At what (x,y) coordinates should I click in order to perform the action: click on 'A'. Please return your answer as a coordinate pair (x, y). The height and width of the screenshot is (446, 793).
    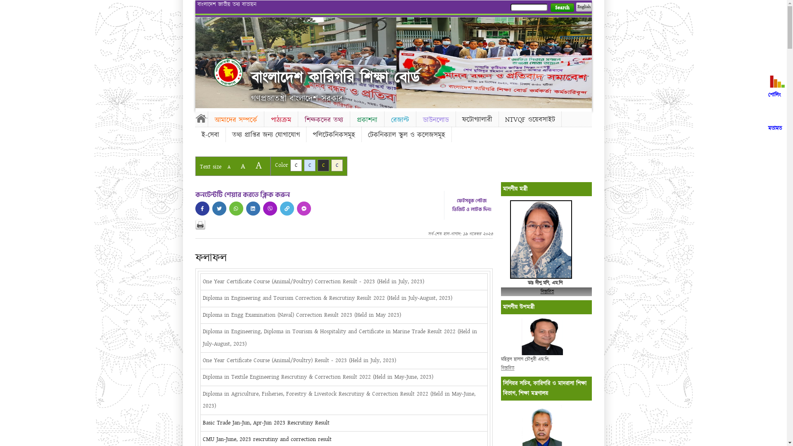
    Looking at the image, I should click on (235, 166).